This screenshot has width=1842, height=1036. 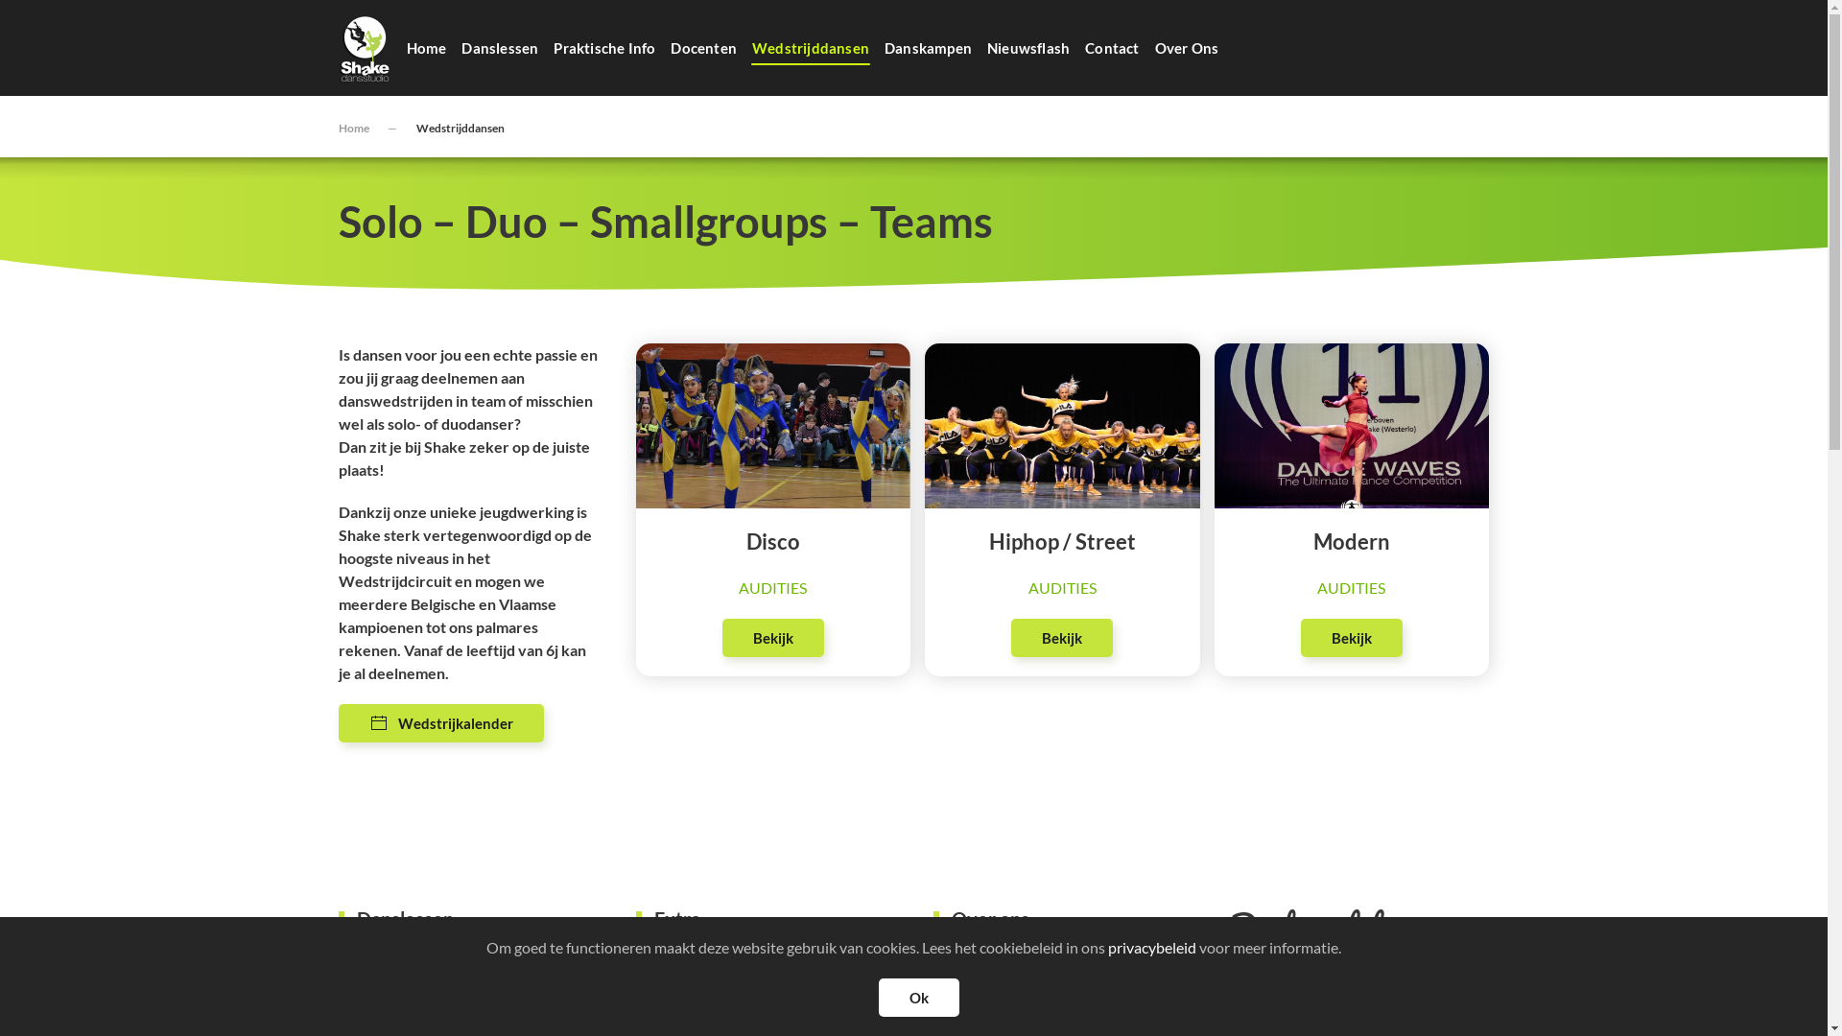 What do you see at coordinates (400, 961) in the screenshot?
I see `'Over onze danslessen'` at bounding box center [400, 961].